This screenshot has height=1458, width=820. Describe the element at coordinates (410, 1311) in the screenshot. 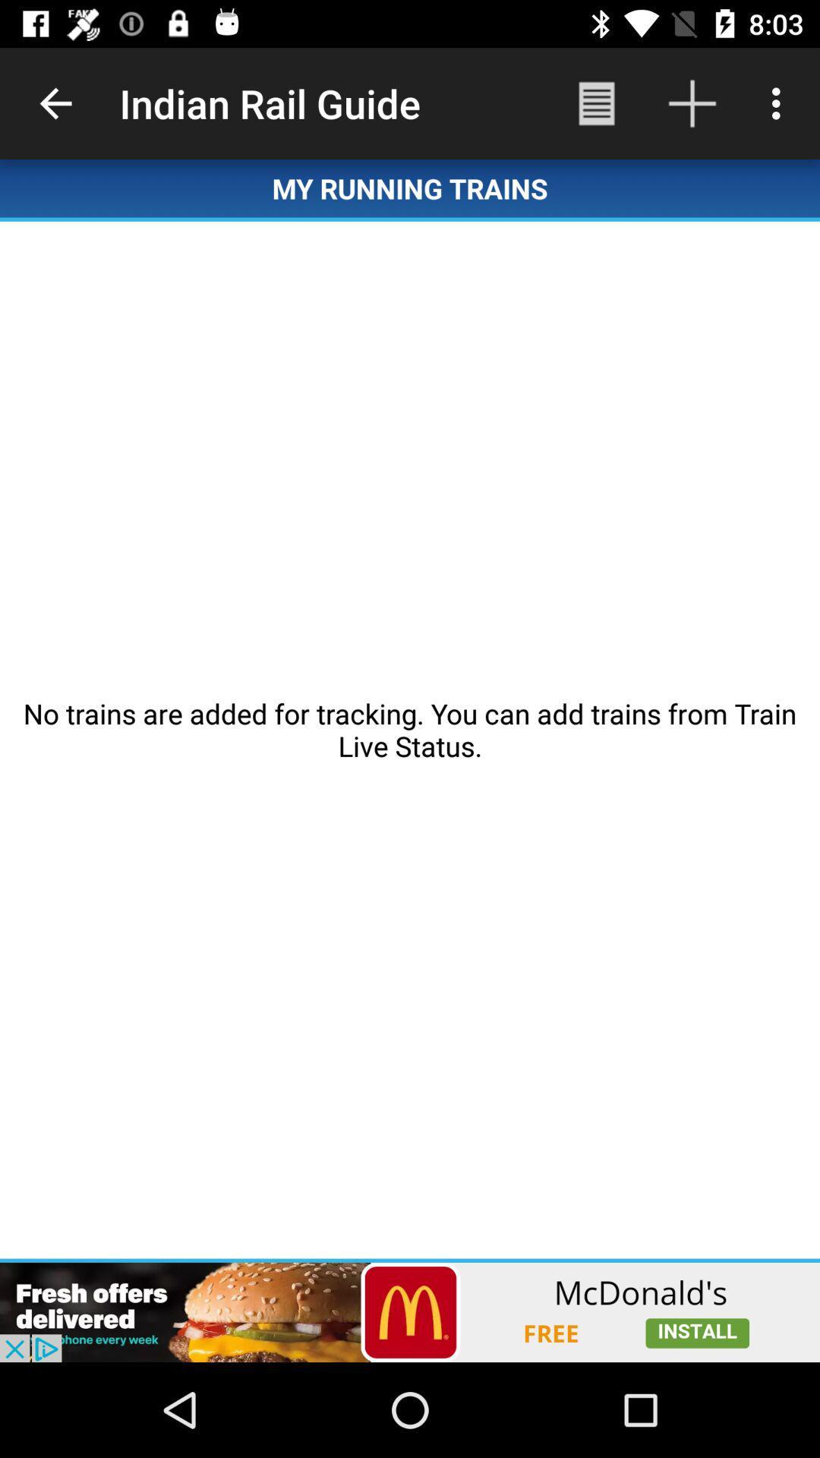

I see `this advertisement` at that location.